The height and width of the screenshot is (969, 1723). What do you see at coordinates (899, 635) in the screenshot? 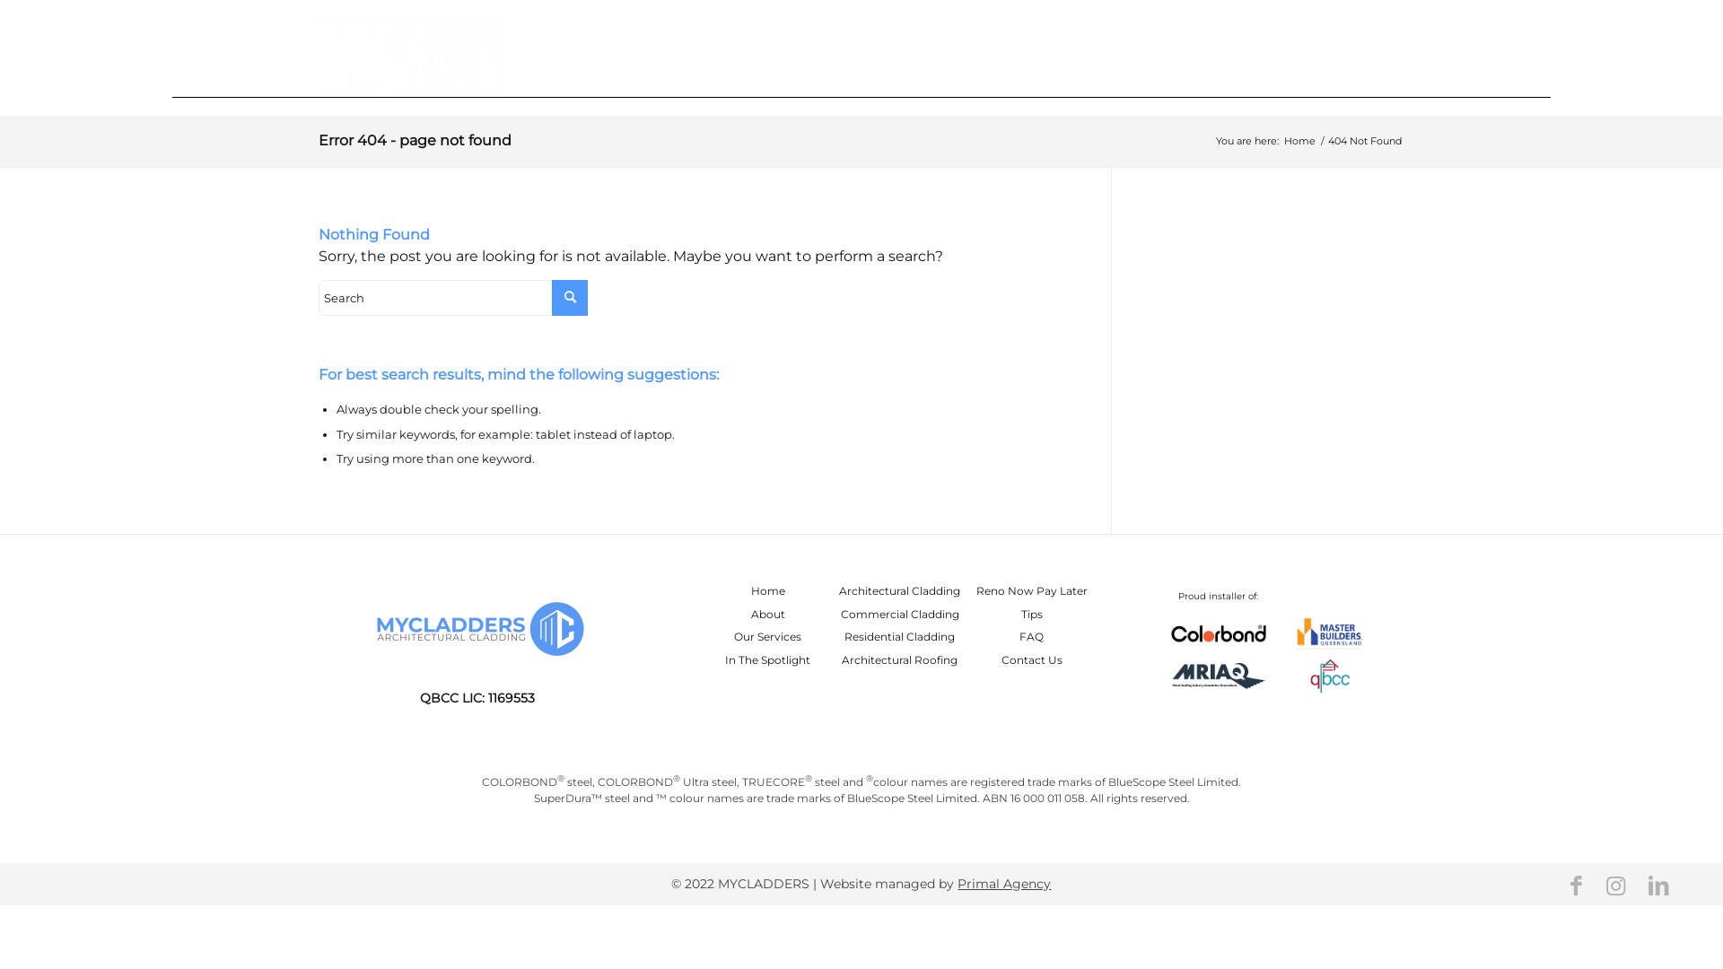
I see `'Residential Cladding'` at bounding box center [899, 635].